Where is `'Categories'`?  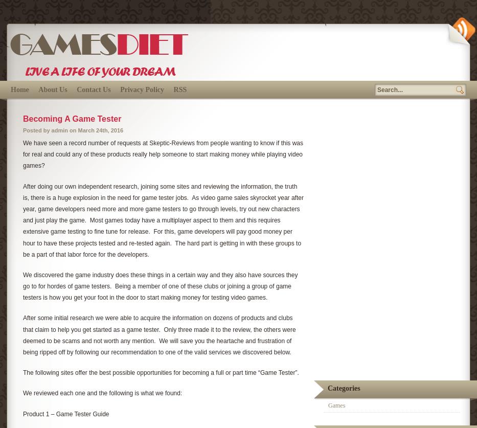
'Categories' is located at coordinates (343, 388).